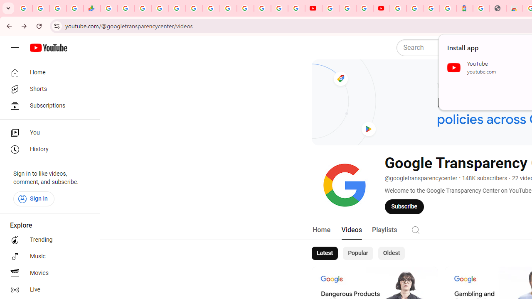 The image size is (532, 299). Describe the element at coordinates (24, 8) in the screenshot. I see `'Google Workspace Admin Community'` at that location.